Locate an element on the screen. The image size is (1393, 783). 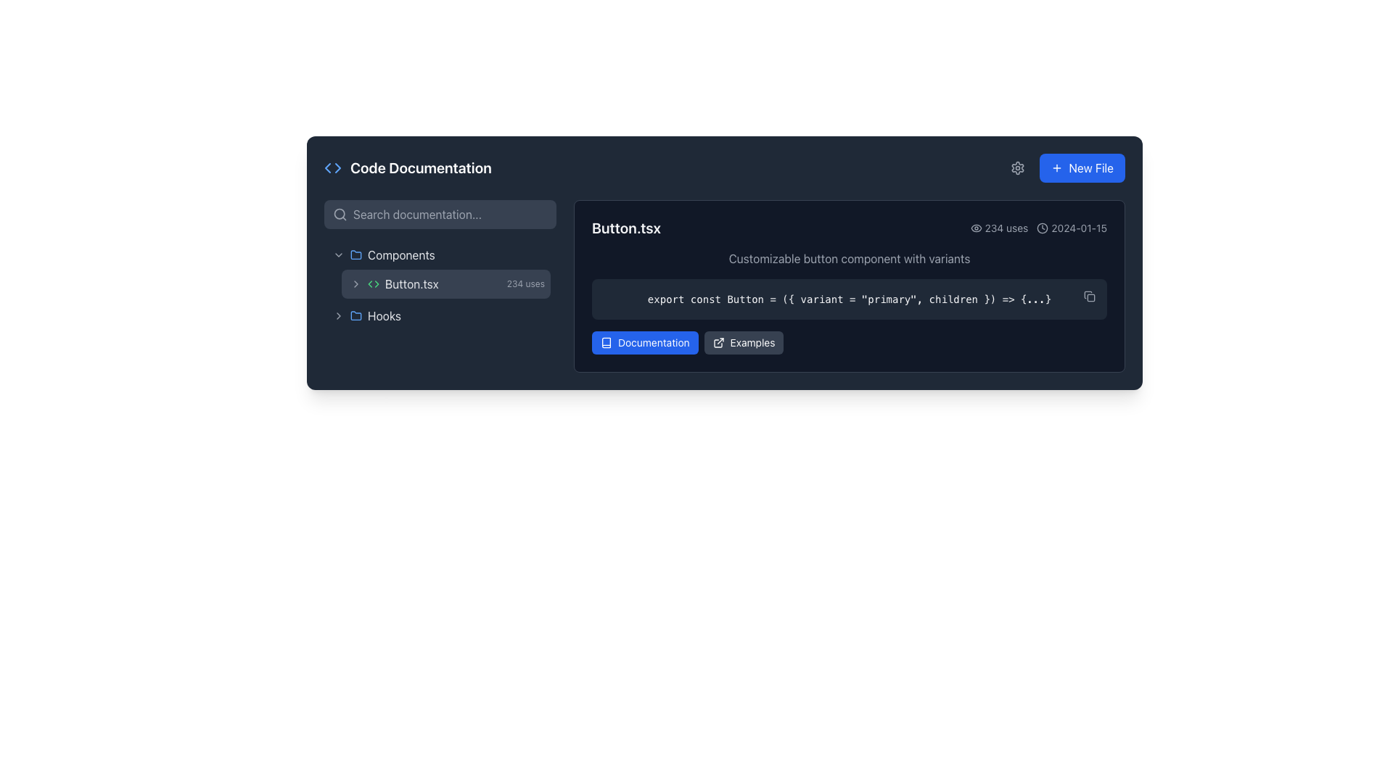
date information displayed on the label with the clock icon, which shows '2024-01-15' in the top-right portion of the panel next to the usage metric is located at coordinates (1072, 228).